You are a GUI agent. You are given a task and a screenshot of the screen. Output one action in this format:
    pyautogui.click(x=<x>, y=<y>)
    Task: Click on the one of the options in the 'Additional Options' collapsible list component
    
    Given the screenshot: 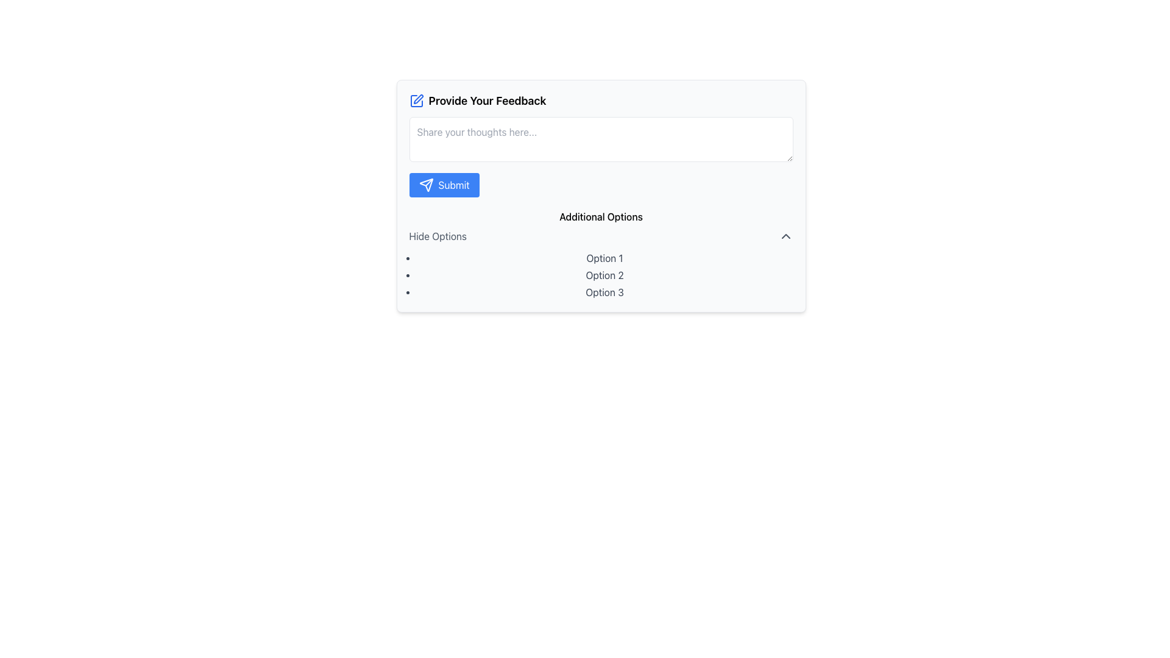 What is the action you would take?
    pyautogui.click(x=601, y=253)
    